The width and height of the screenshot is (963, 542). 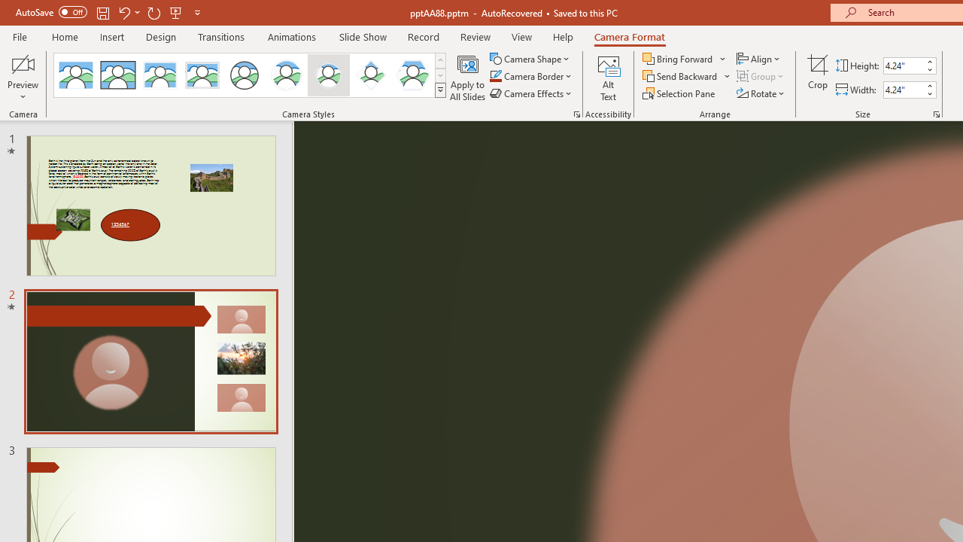 I want to click on 'Slide', so click(x=150, y=361).